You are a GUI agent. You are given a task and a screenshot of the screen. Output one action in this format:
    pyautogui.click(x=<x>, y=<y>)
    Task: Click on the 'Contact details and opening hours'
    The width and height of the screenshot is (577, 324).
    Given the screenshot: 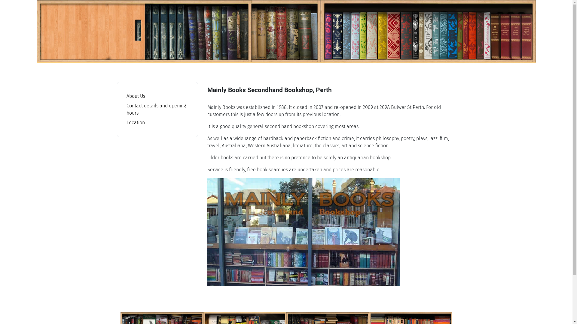 What is the action you would take?
    pyautogui.click(x=156, y=109)
    